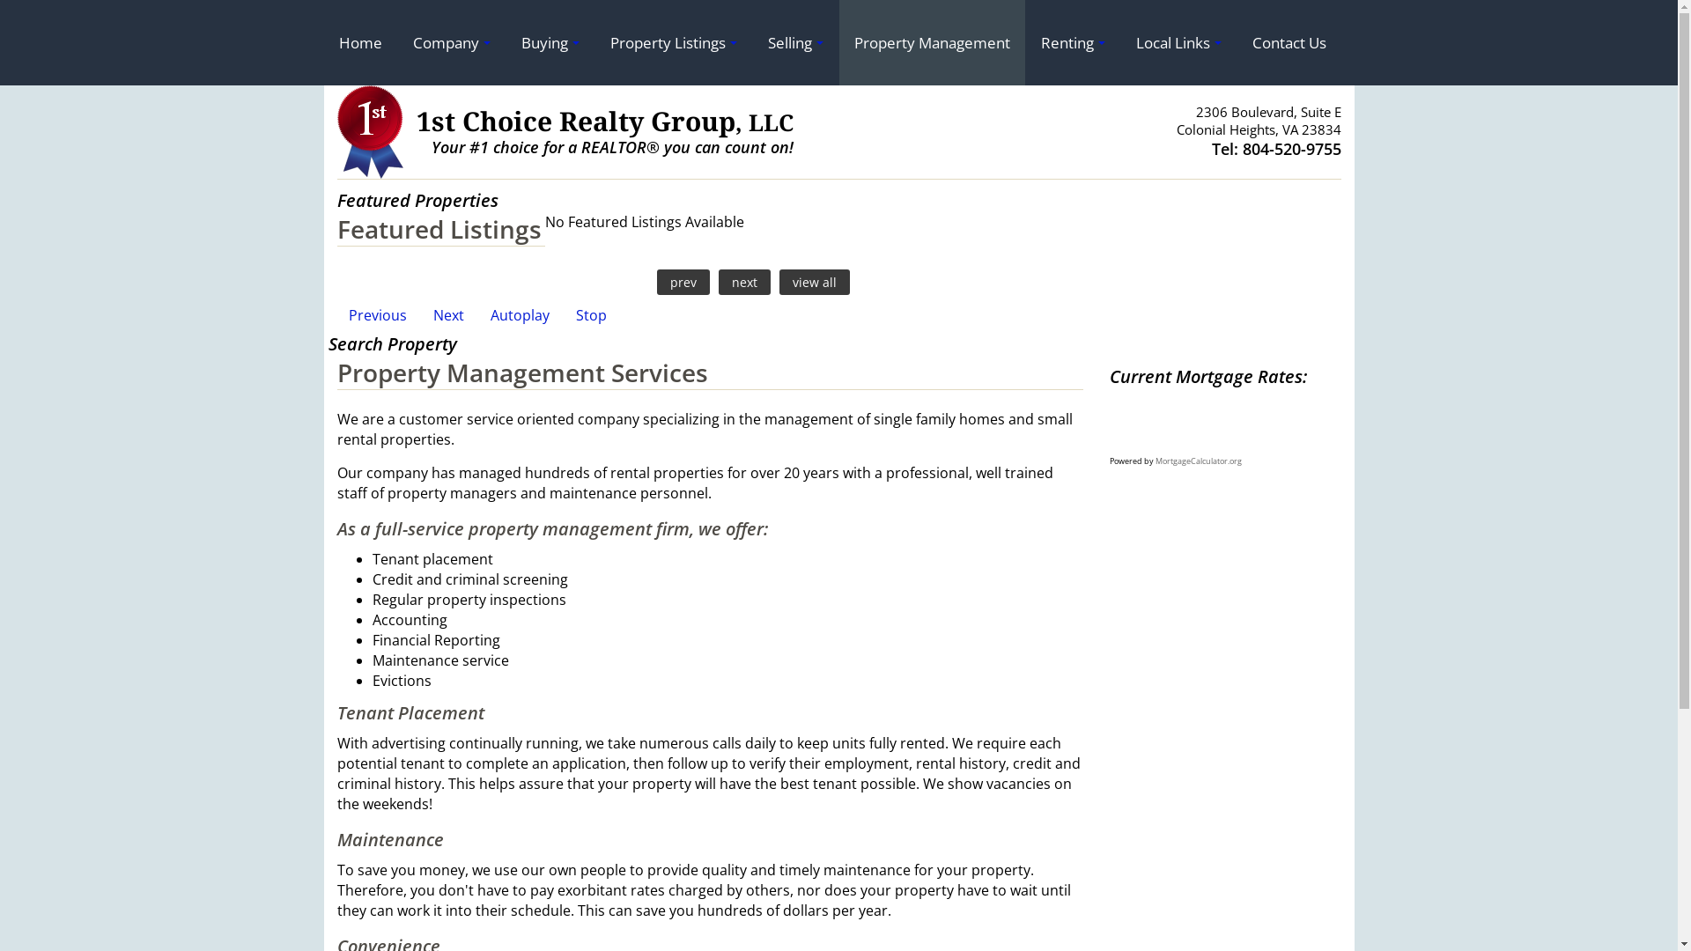 The width and height of the screenshot is (1691, 951). I want to click on 'MortgageCalculator.org', so click(1198, 460).